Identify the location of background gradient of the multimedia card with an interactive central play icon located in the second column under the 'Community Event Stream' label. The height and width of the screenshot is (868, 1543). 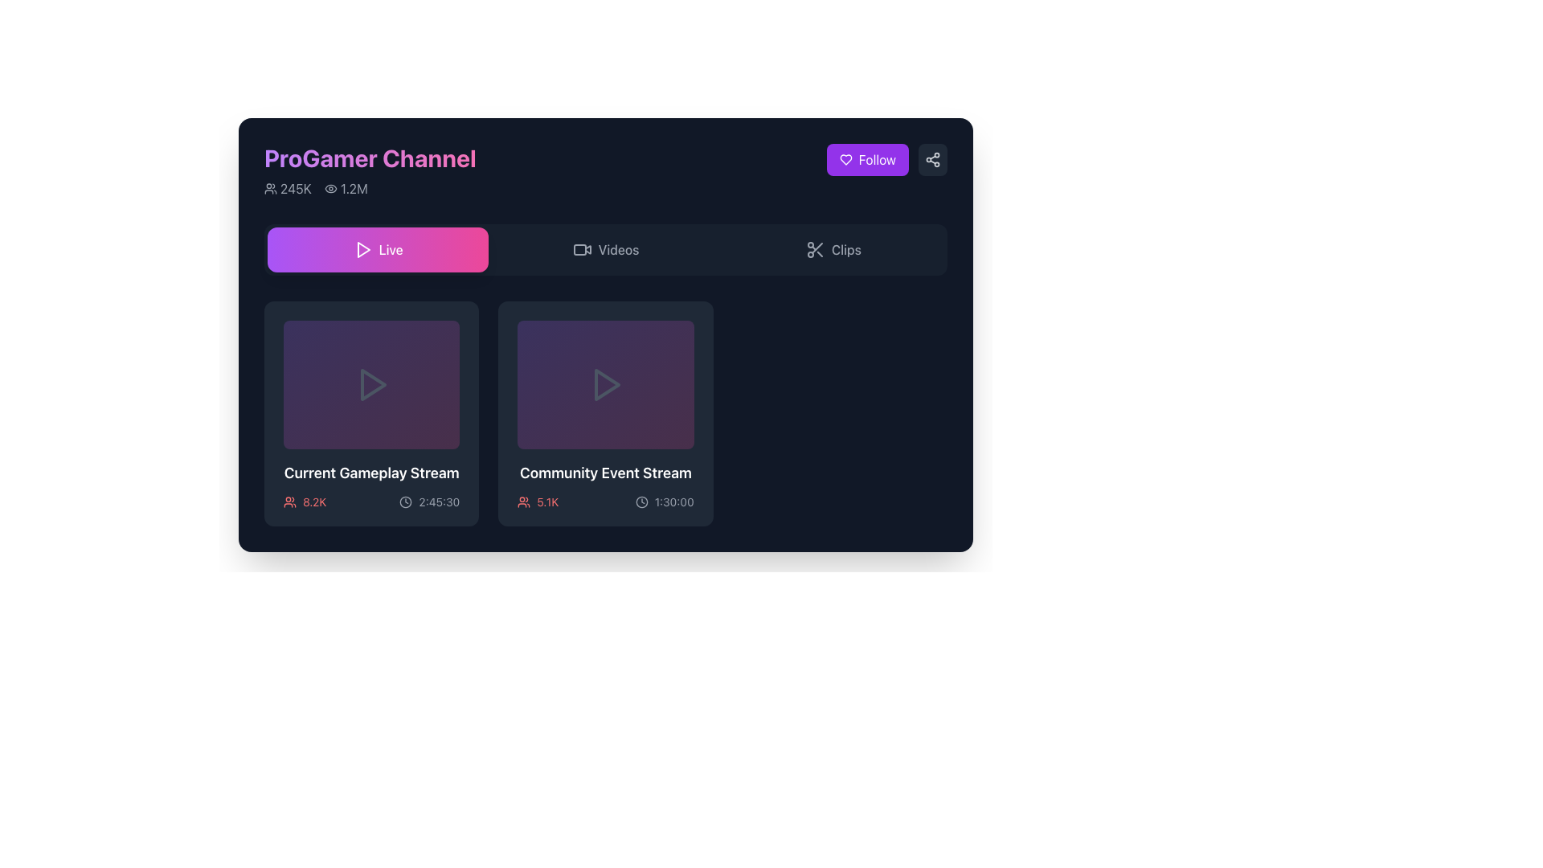
(604, 384).